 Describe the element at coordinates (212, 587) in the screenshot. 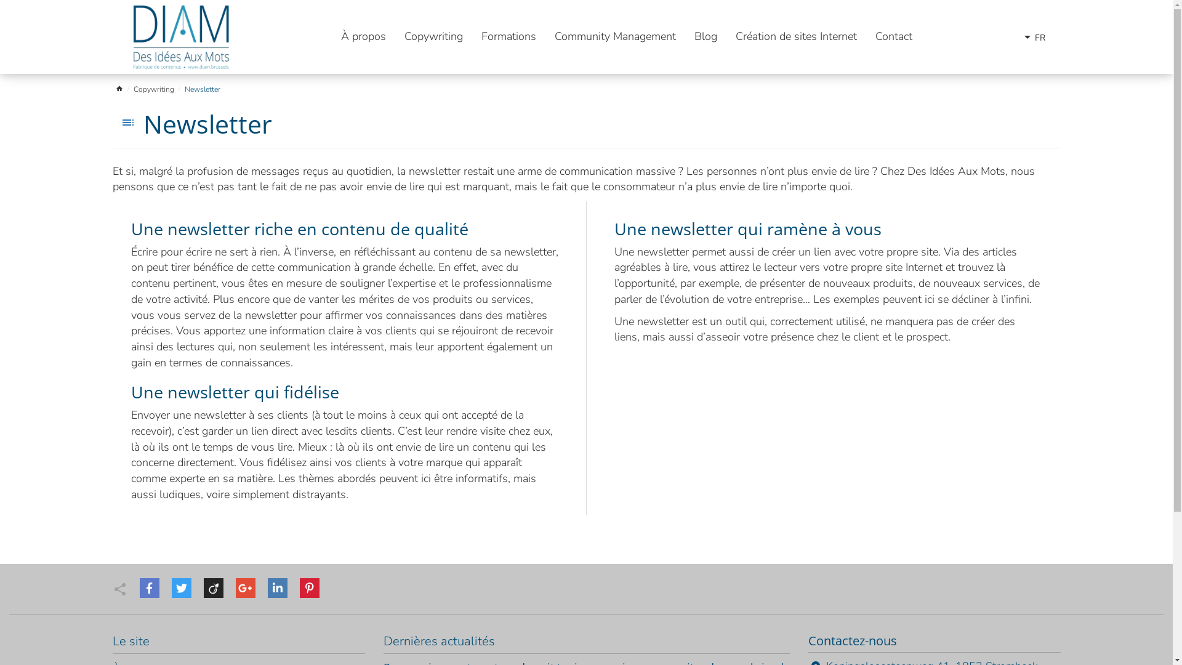

I see `'Viadeo'` at that location.